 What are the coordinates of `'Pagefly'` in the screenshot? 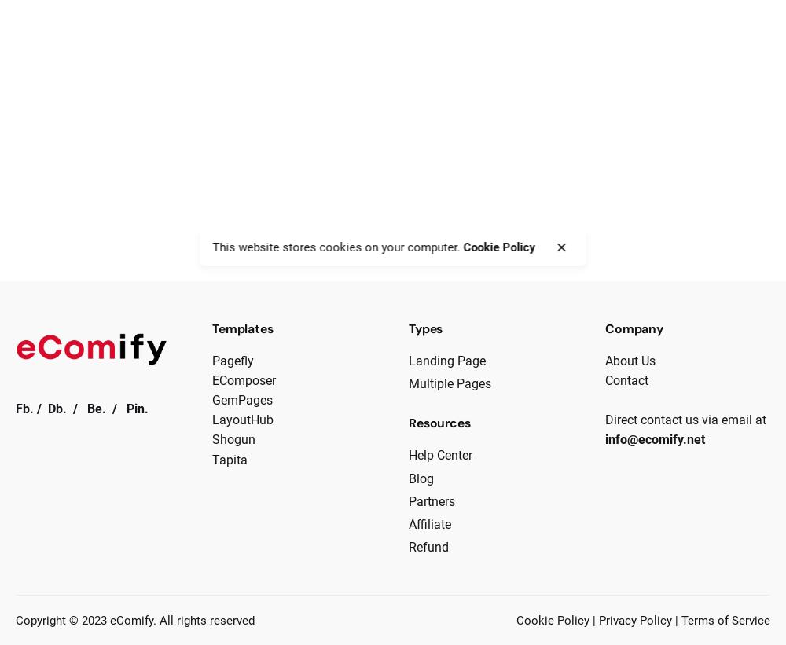 It's located at (233, 360).